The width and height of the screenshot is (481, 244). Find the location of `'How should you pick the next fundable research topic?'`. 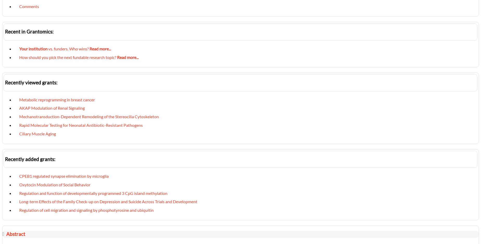

'How should you pick the next fundable research topic?' is located at coordinates (19, 57).